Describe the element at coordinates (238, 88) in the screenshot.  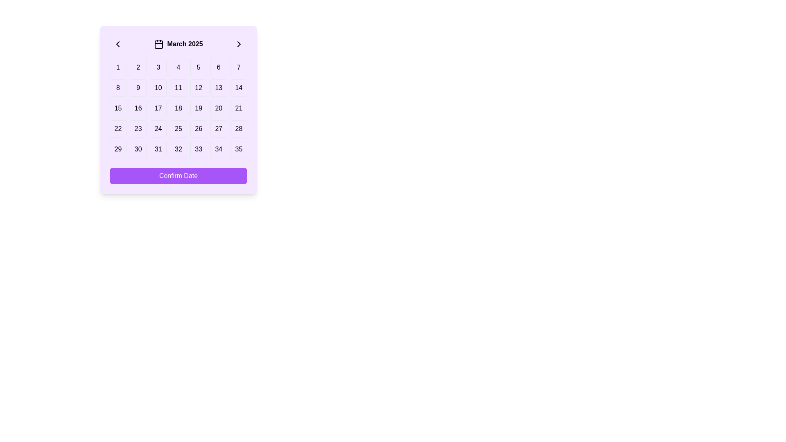
I see `the square button labeled '14' in the second row and seventh column of the calendar grid` at that location.